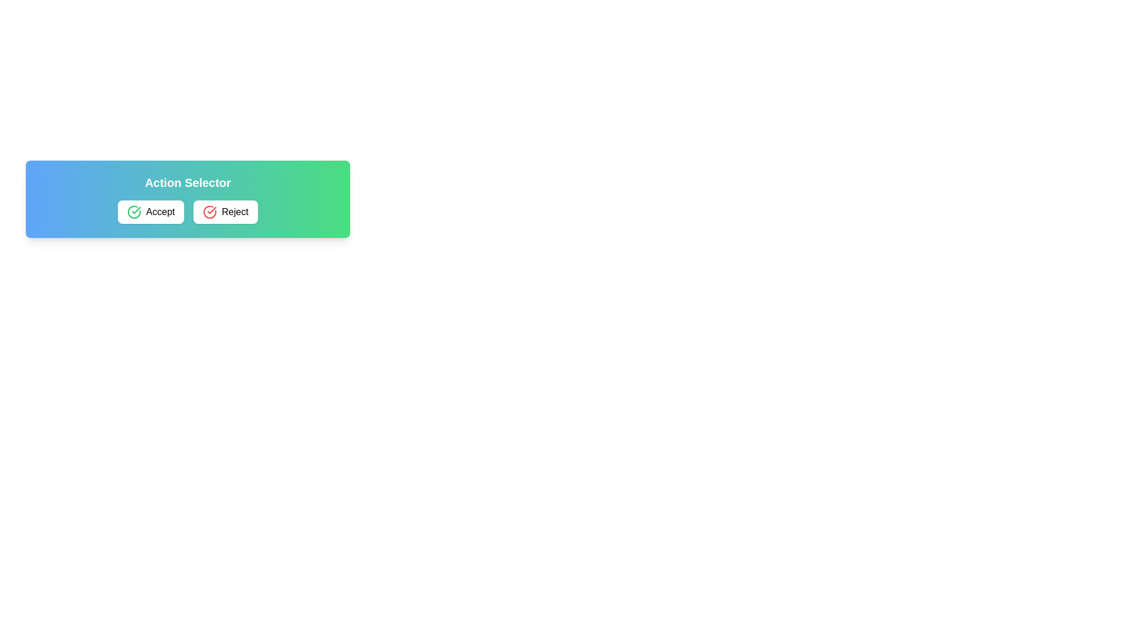 Image resolution: width=1126 pixels, height=633 pixels. I want to click on the green confirmation icon located on the left edge of the 'Accept' button, so click(134, 212).